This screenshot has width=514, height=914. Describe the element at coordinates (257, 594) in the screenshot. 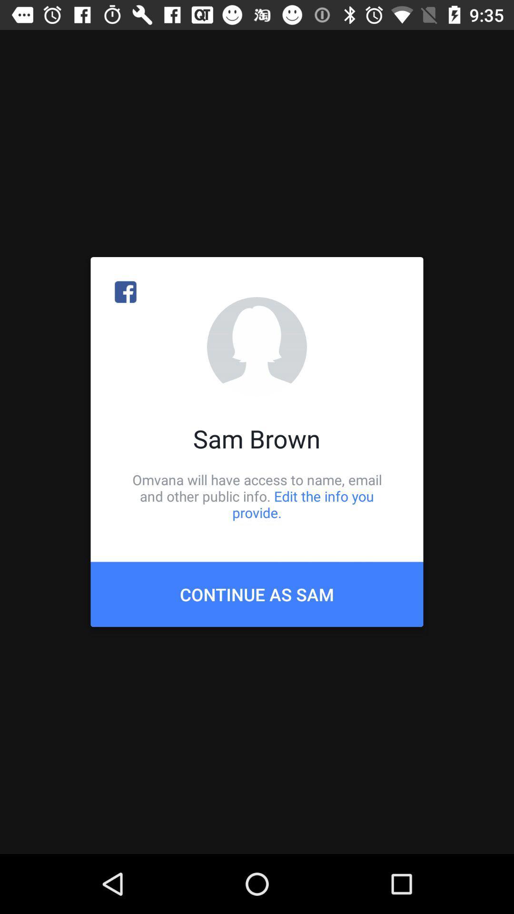

I see `continue as sam` at that location.